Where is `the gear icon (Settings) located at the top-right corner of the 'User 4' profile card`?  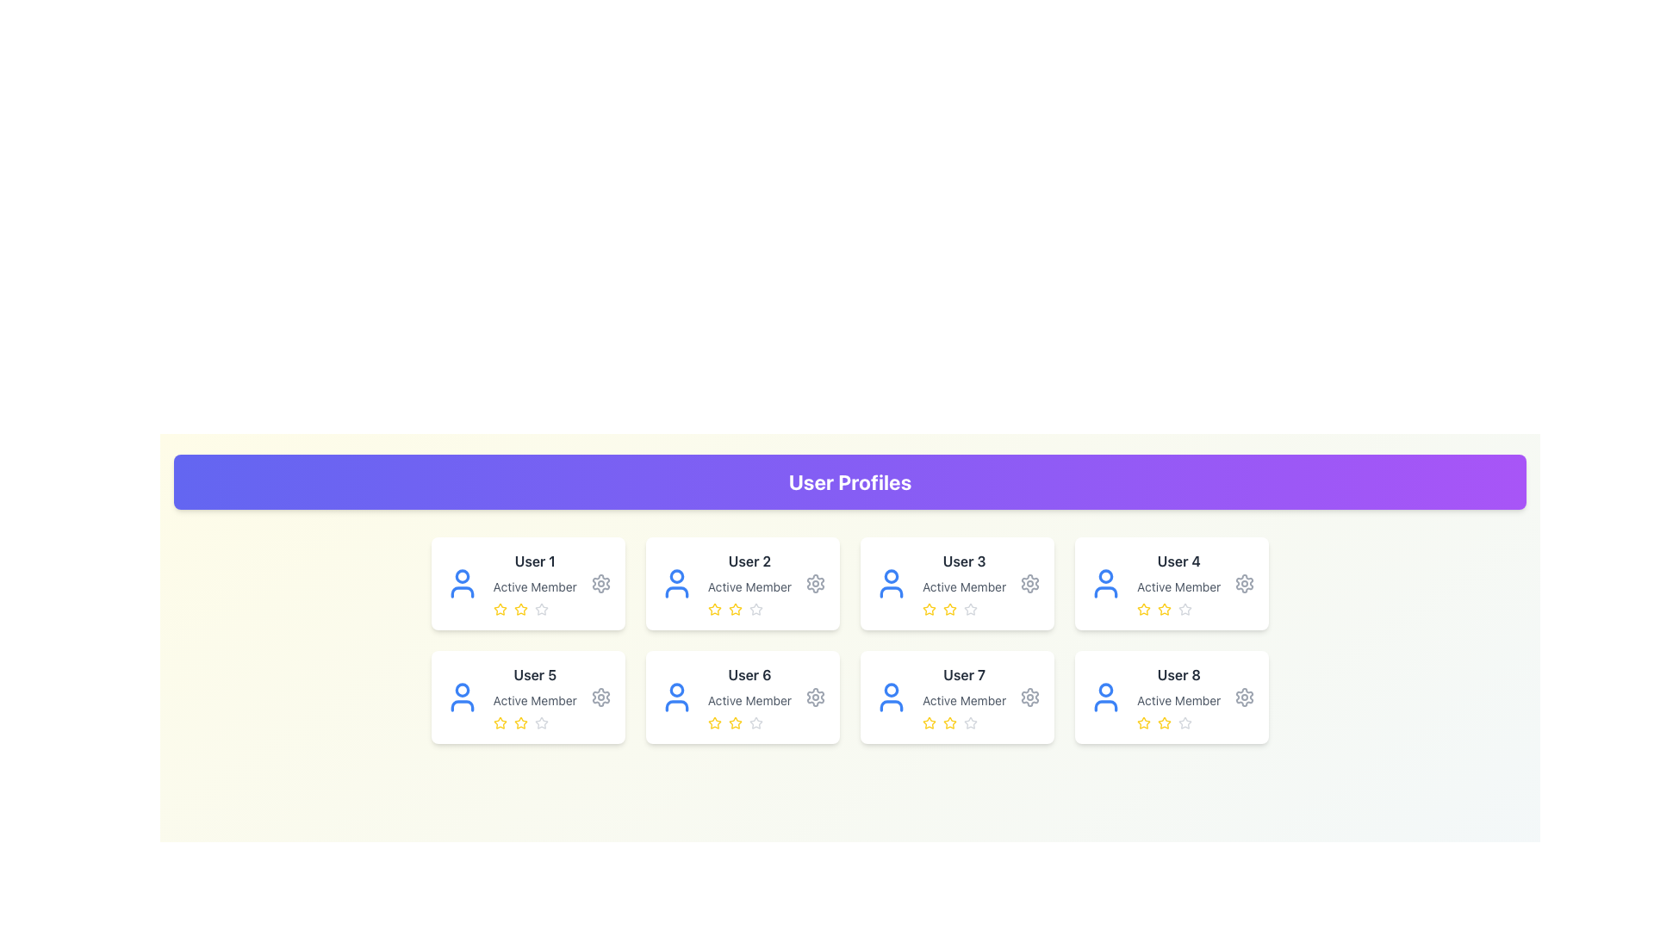
the gear icon (Settings) located at the top-right corner of the 'User 4' profile card is located at coordinates (1245, 583).